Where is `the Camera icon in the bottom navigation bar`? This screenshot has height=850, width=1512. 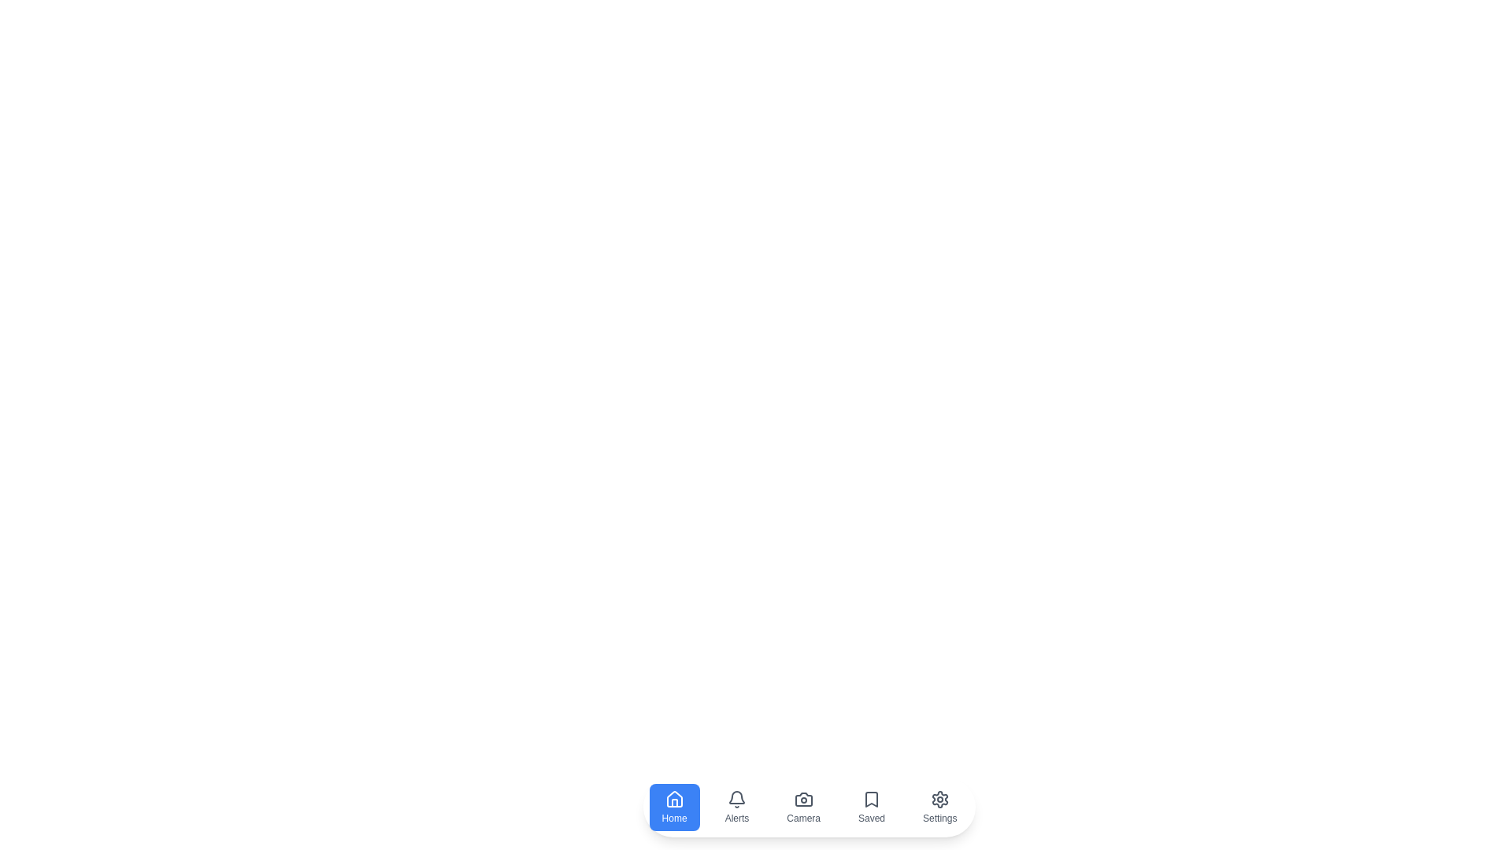
the Camera icon in the bottom navigation bar is located at coordinates (804, 807).